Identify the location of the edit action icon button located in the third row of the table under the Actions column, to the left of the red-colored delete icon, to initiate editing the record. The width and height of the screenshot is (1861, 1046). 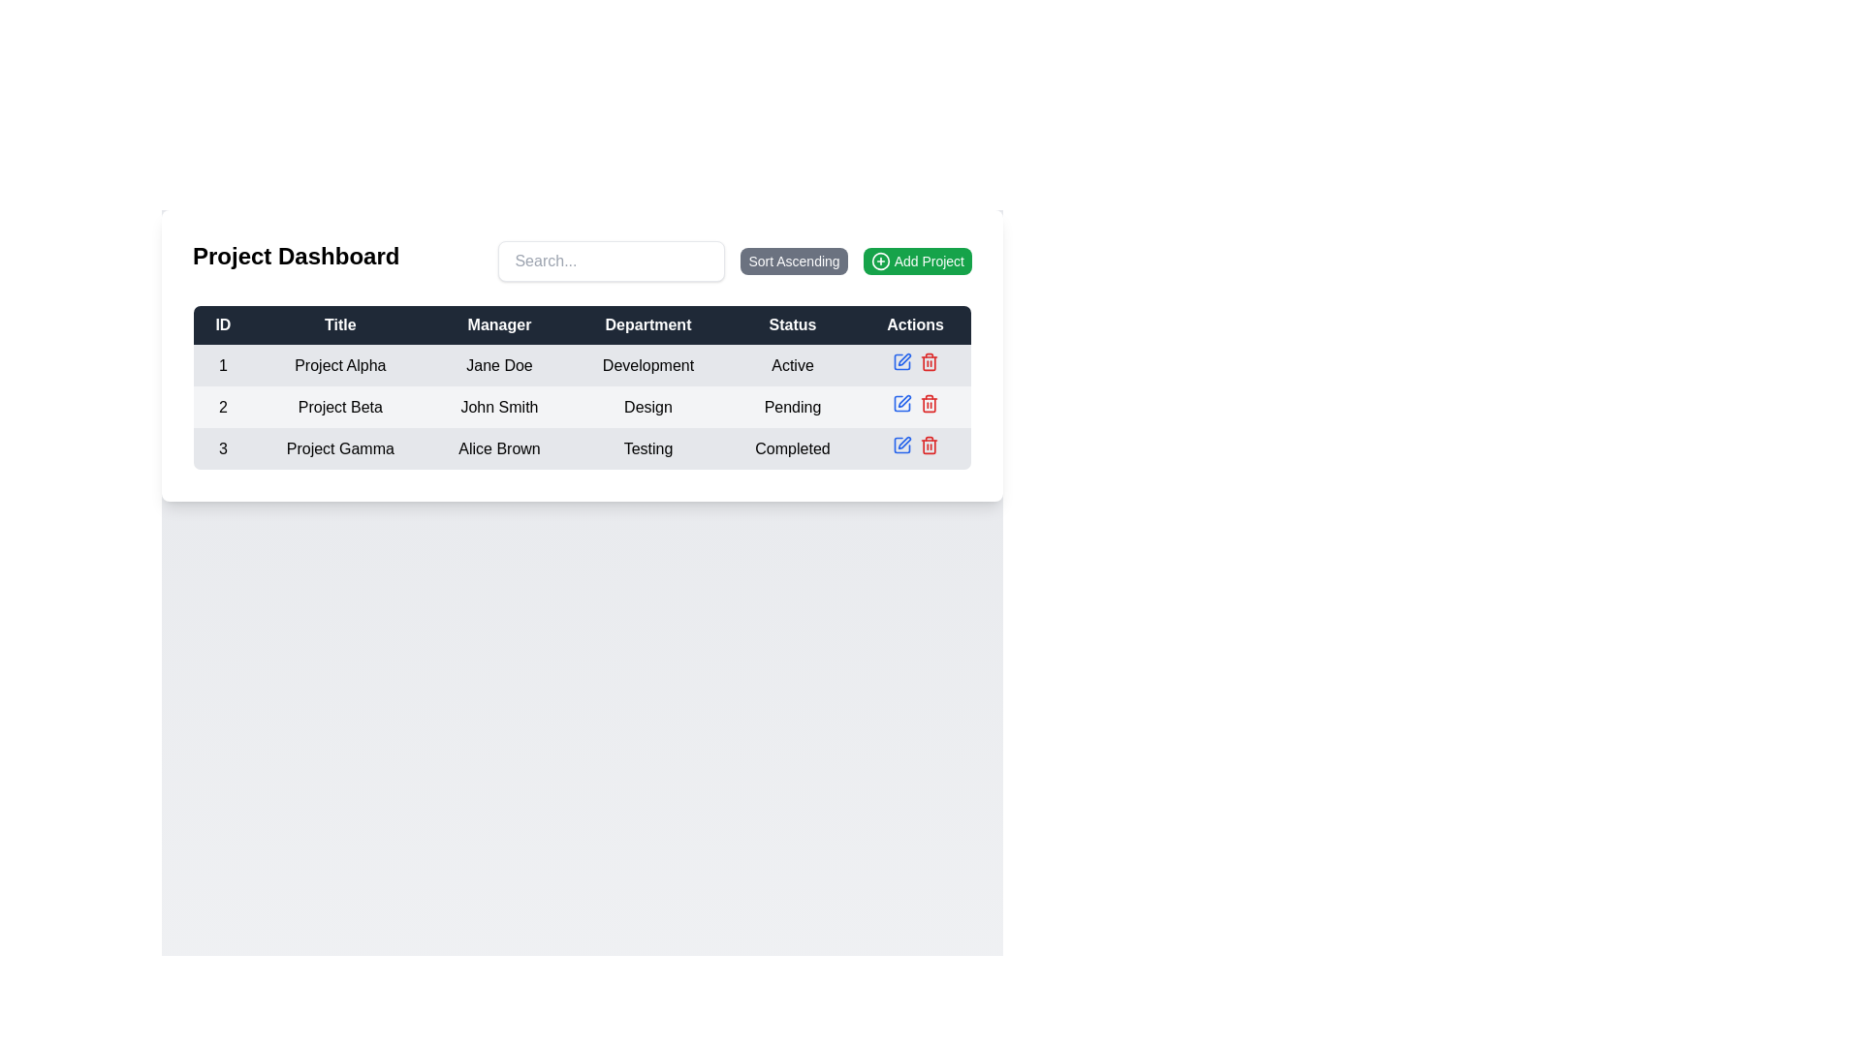
(900, 445).